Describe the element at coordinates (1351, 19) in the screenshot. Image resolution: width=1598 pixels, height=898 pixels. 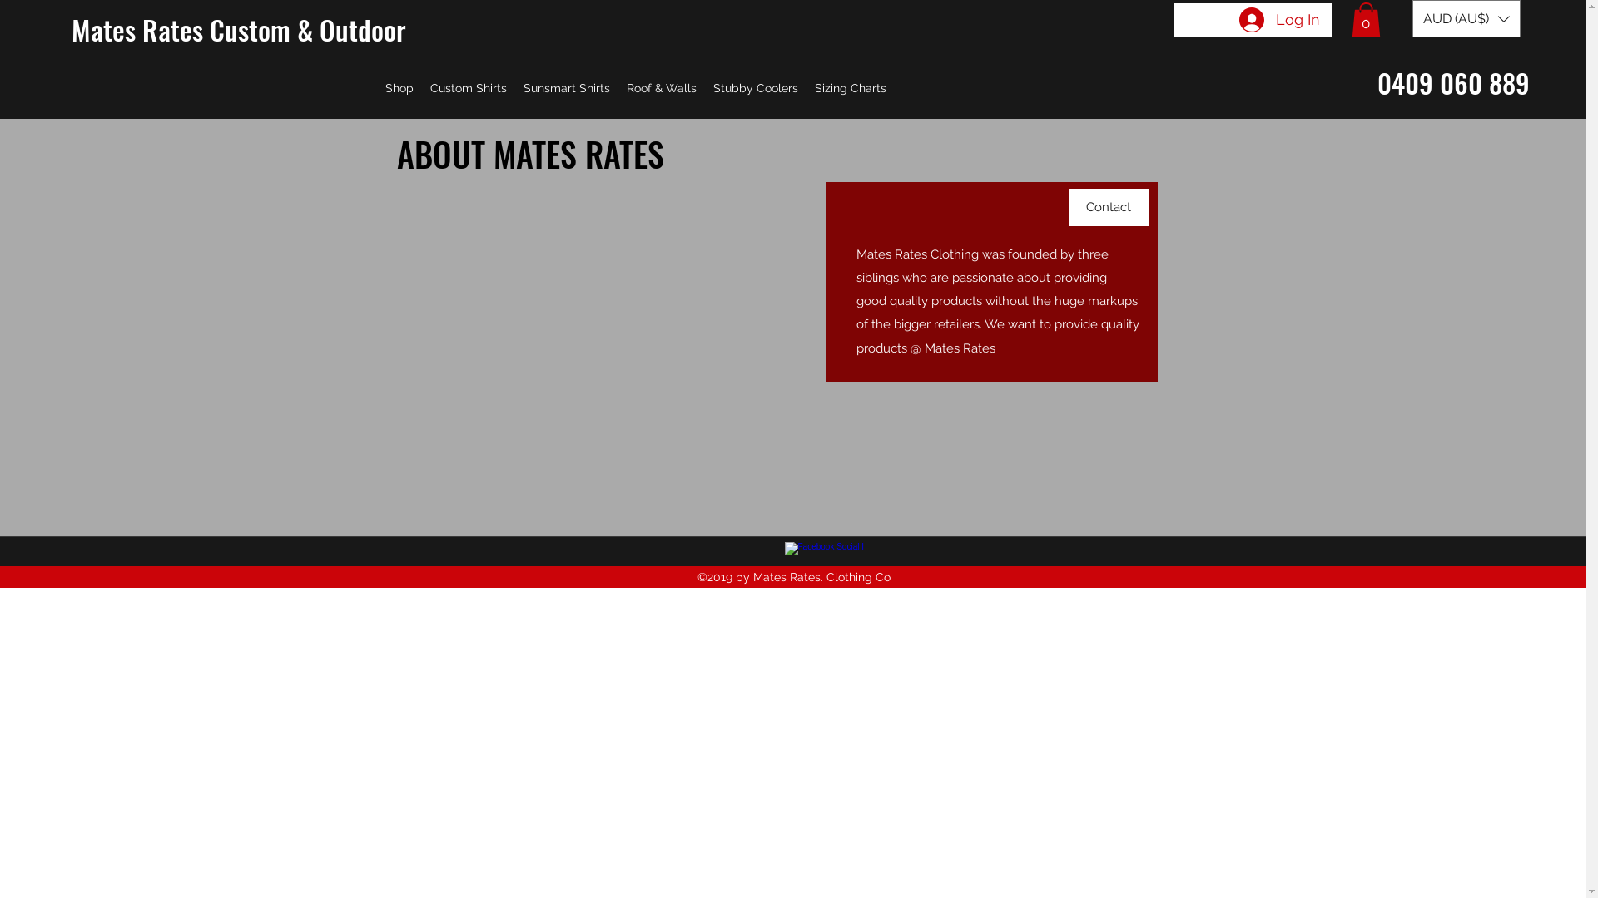
I see `'0'` at that location.